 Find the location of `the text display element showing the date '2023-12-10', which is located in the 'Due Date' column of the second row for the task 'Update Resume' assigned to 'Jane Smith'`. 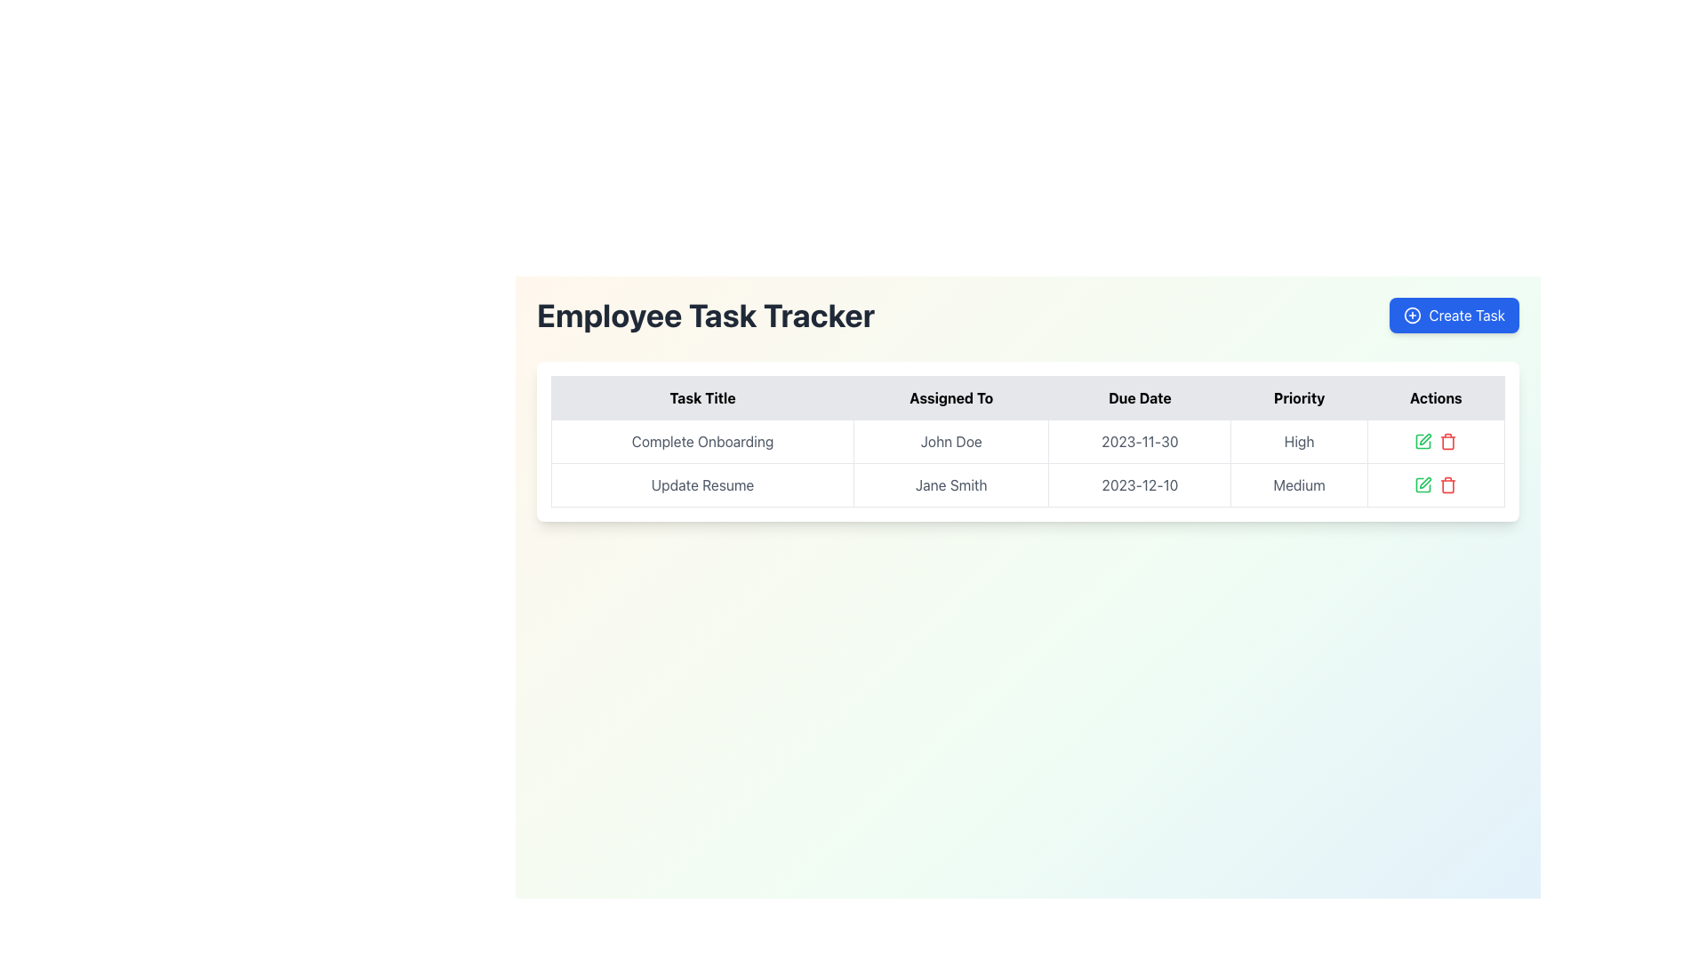

the text display element showing the date '2023-12-10', which is located in the 'Due Date' column of the second row for the task 'Update Resume' assigned to 'Jane Smith' is located at coordinates (1140, 485).